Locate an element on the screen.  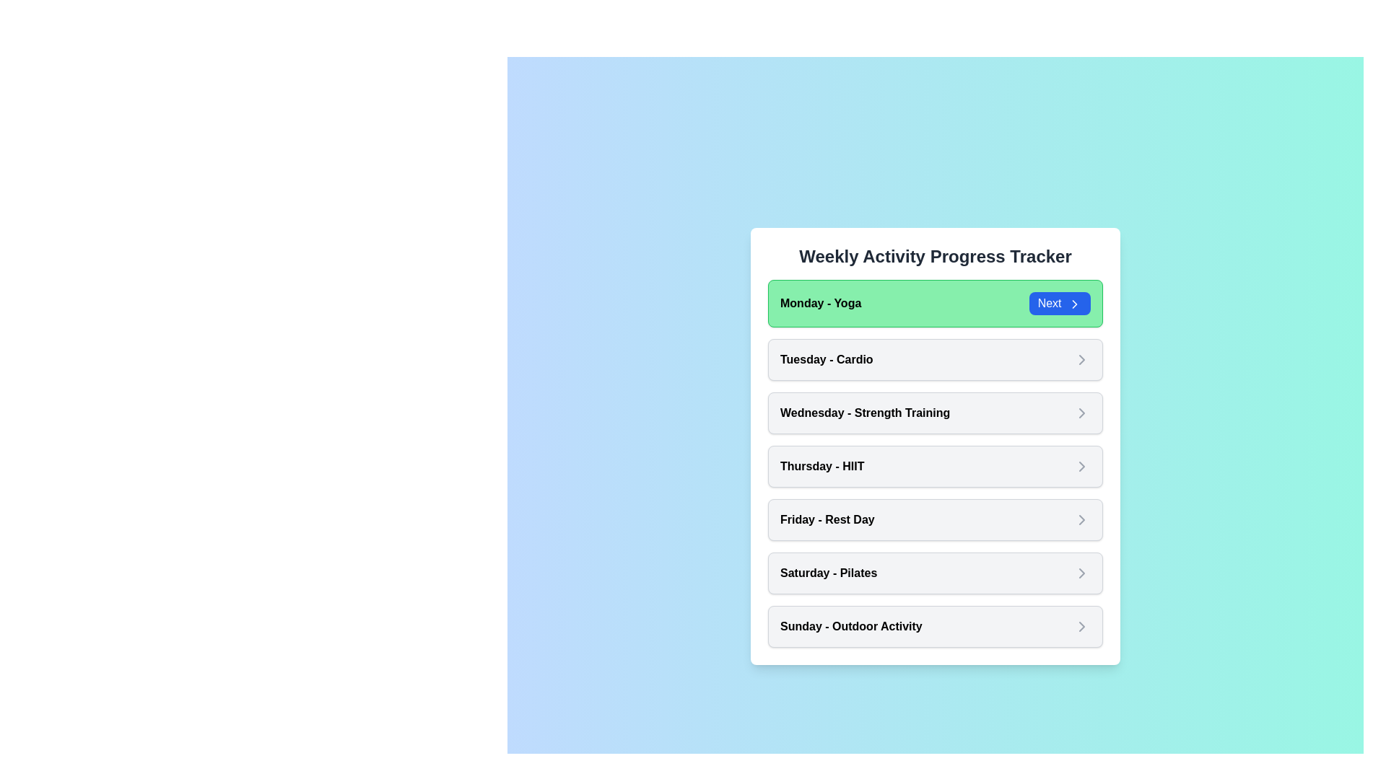
the Chevron Icon located on the far right of the 'Sunday - Outdoor Activity' list item to indicate navigation or selection is located at coordinates (1081, 625).